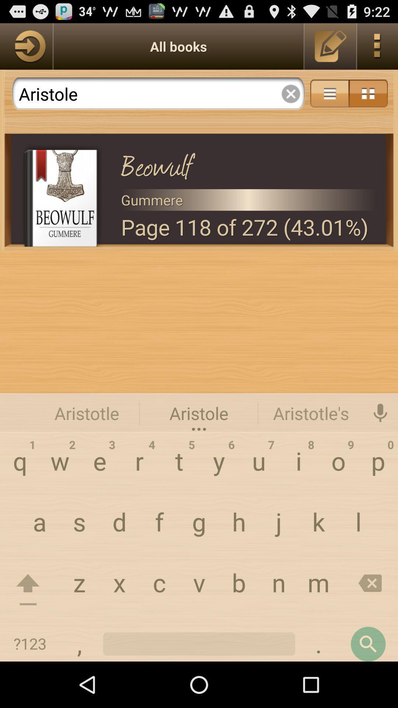 The image size is (398, 708). I want to click on icon option, so click(368, 93).